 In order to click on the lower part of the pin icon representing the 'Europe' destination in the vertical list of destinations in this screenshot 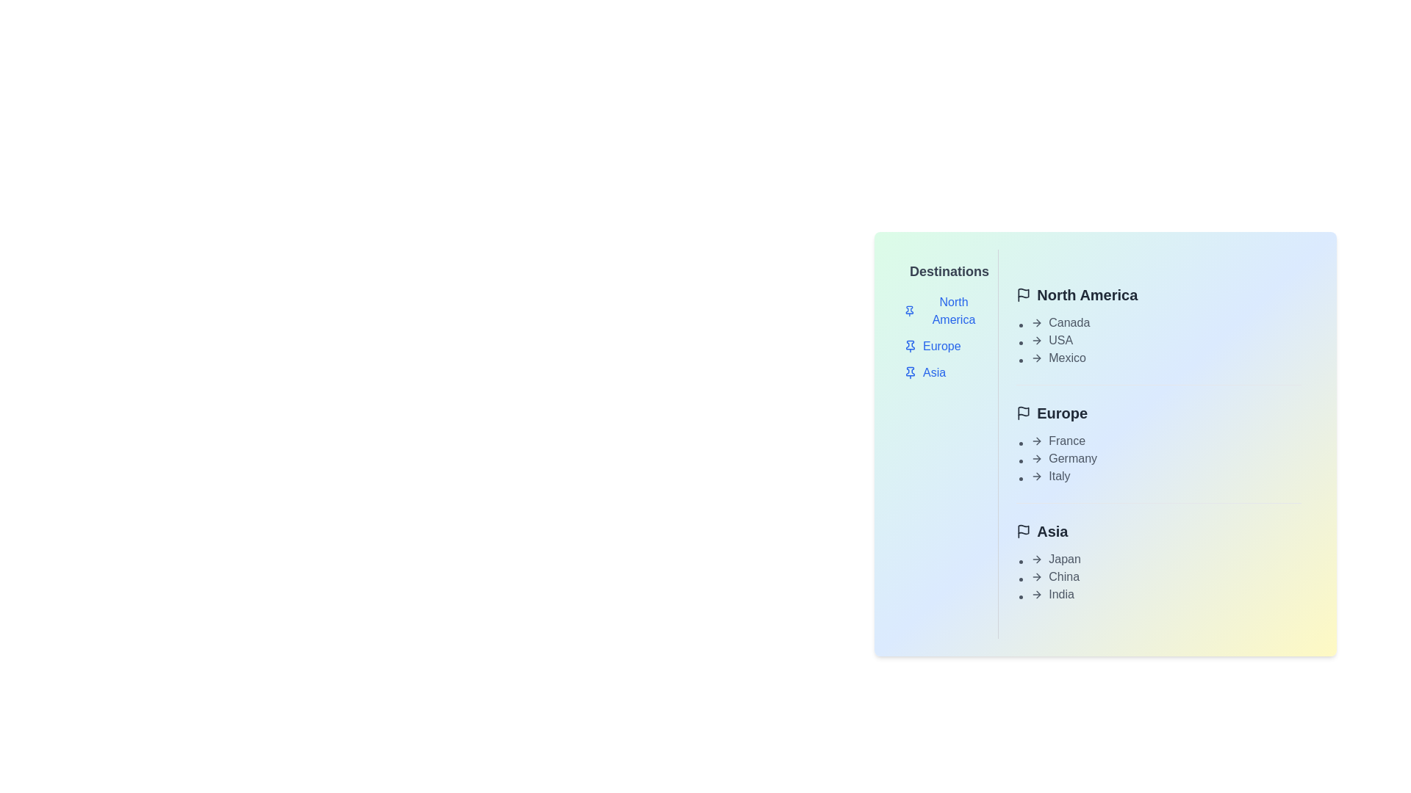, I will do `click(909, 345)`.